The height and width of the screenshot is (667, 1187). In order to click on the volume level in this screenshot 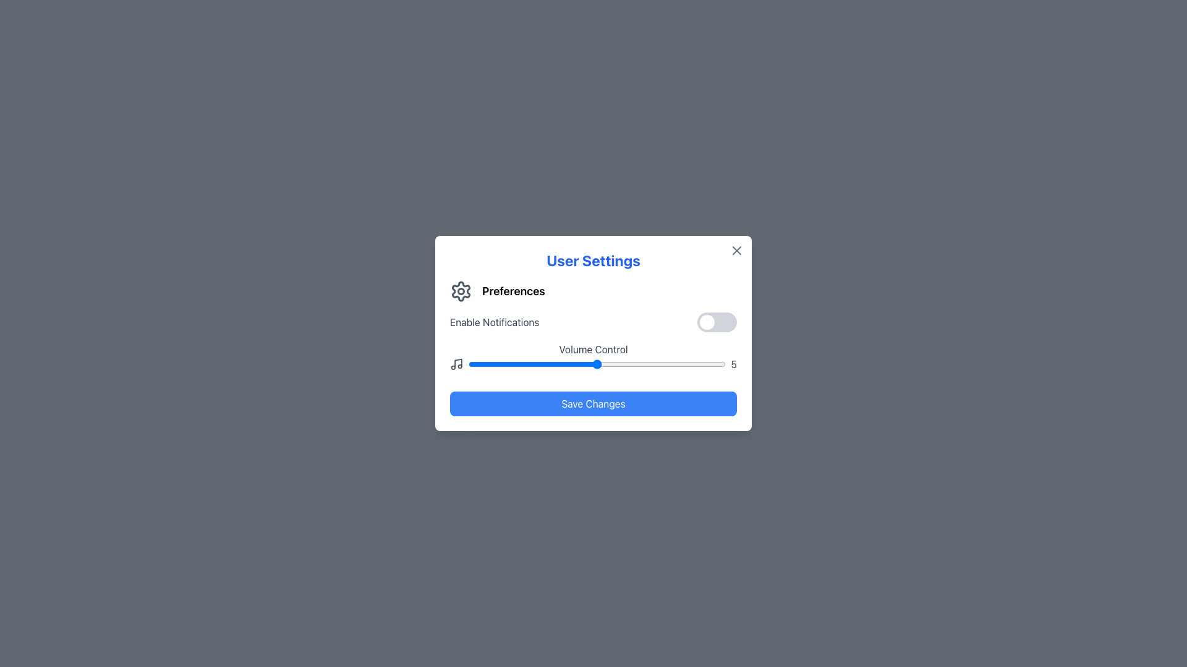, I will do `click(700, 364)`.